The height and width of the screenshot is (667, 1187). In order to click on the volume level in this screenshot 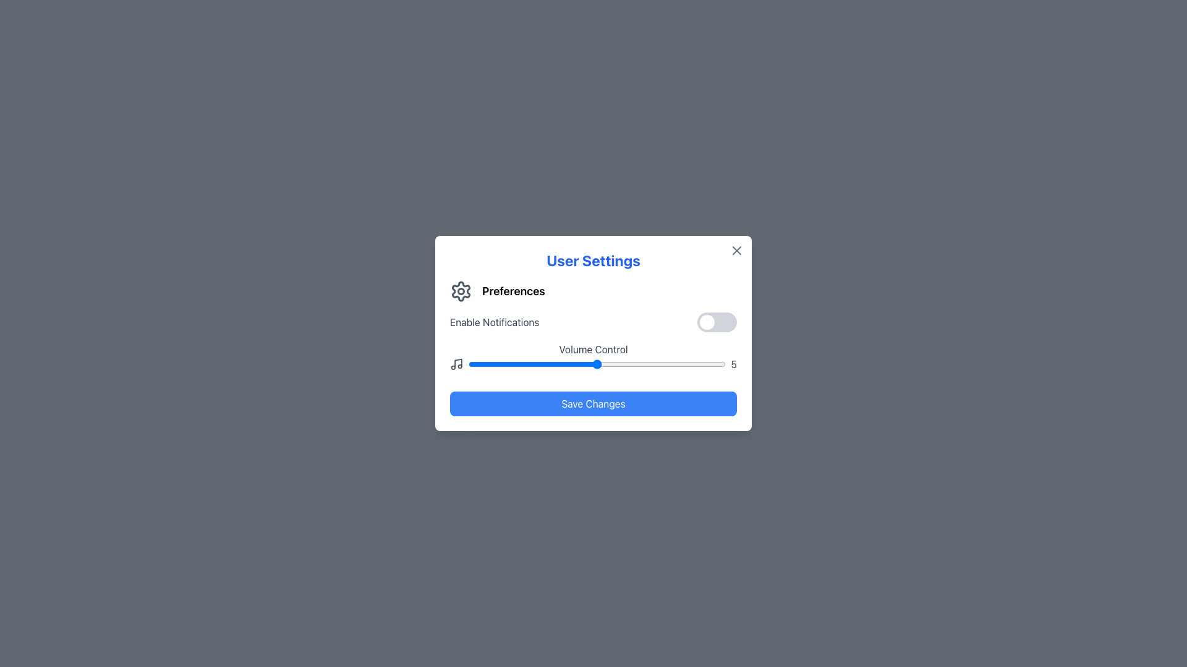, I will do `click(700, 364)`.